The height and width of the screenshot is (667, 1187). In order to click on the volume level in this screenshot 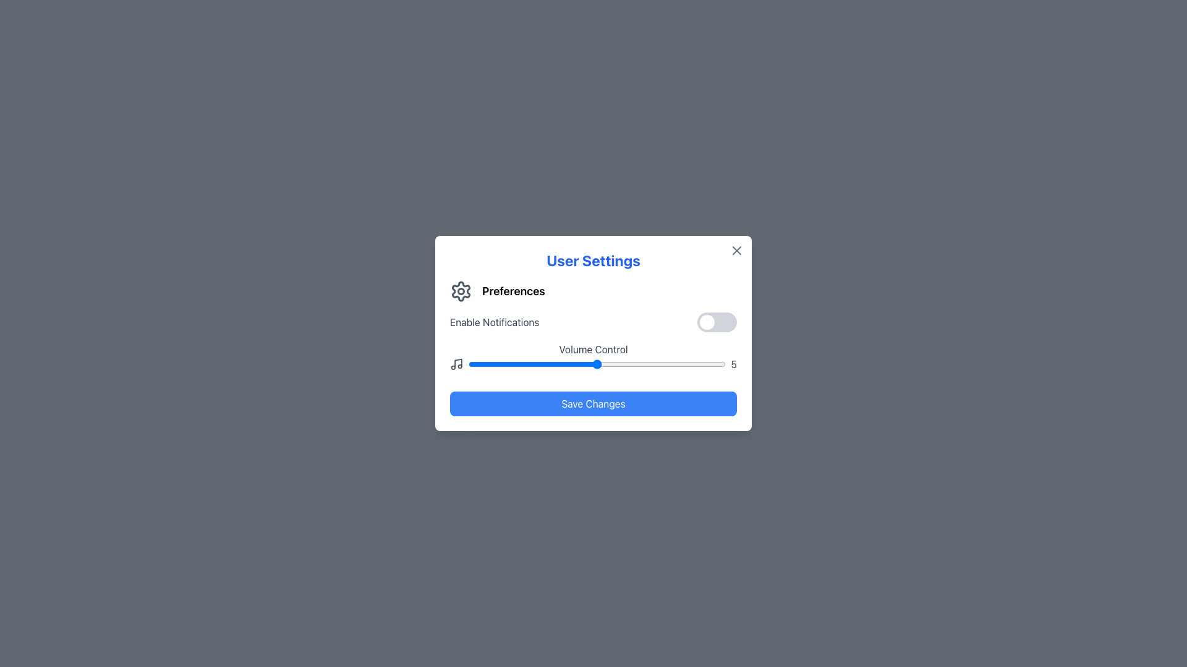, I will do `click(700, 364)`.